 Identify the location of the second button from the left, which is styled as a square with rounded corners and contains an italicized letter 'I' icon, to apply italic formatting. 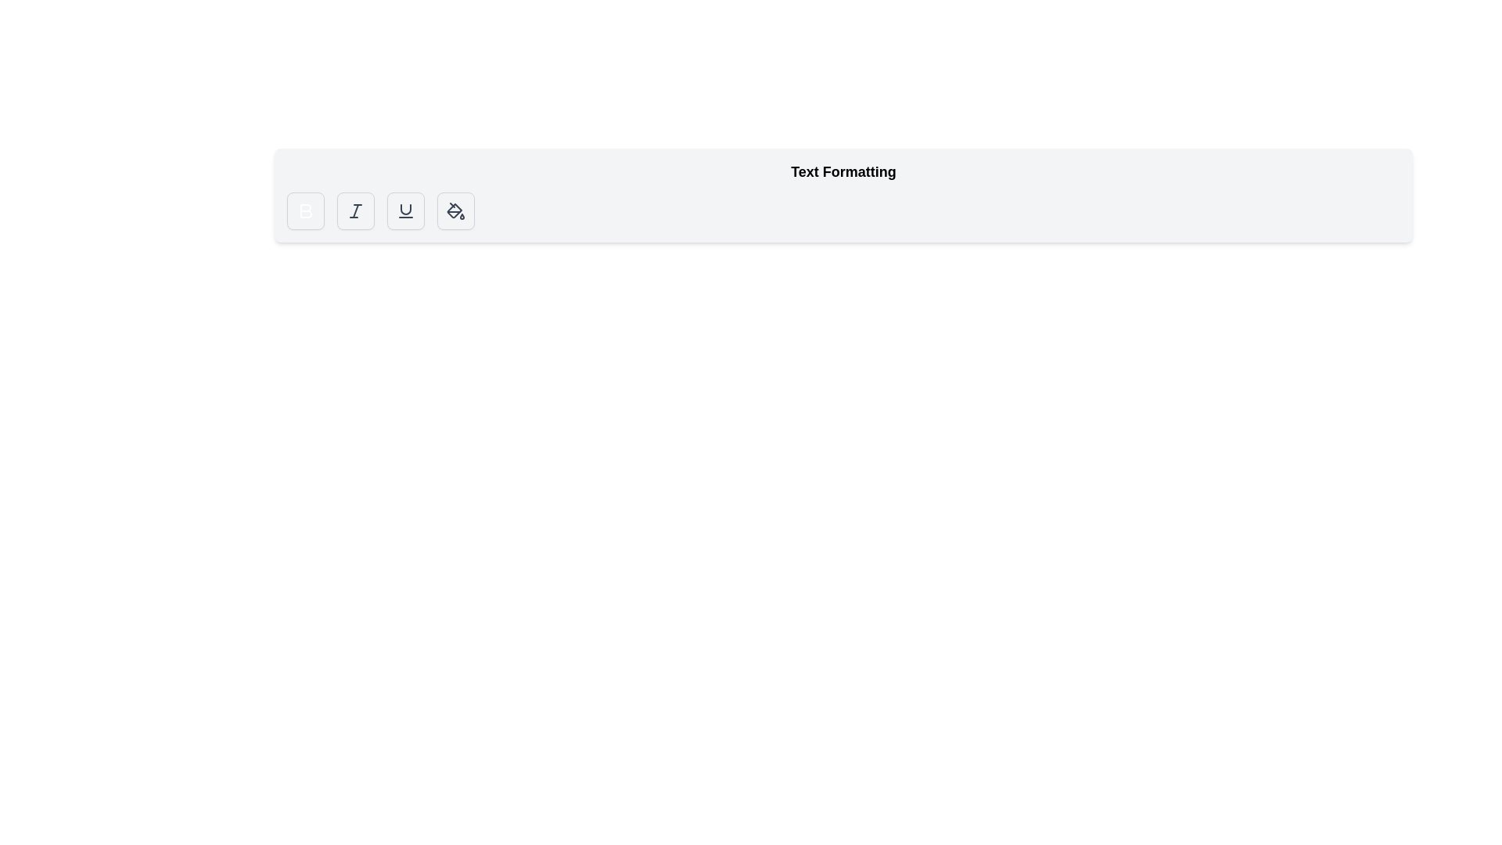
(355, 211).